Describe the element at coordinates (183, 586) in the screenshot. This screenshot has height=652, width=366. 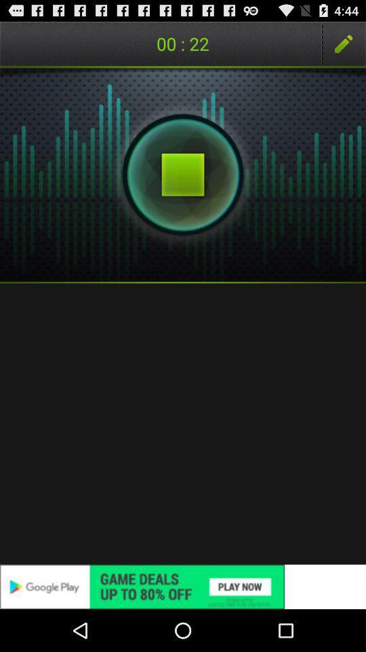
I see `advertisement 's website` at that location.